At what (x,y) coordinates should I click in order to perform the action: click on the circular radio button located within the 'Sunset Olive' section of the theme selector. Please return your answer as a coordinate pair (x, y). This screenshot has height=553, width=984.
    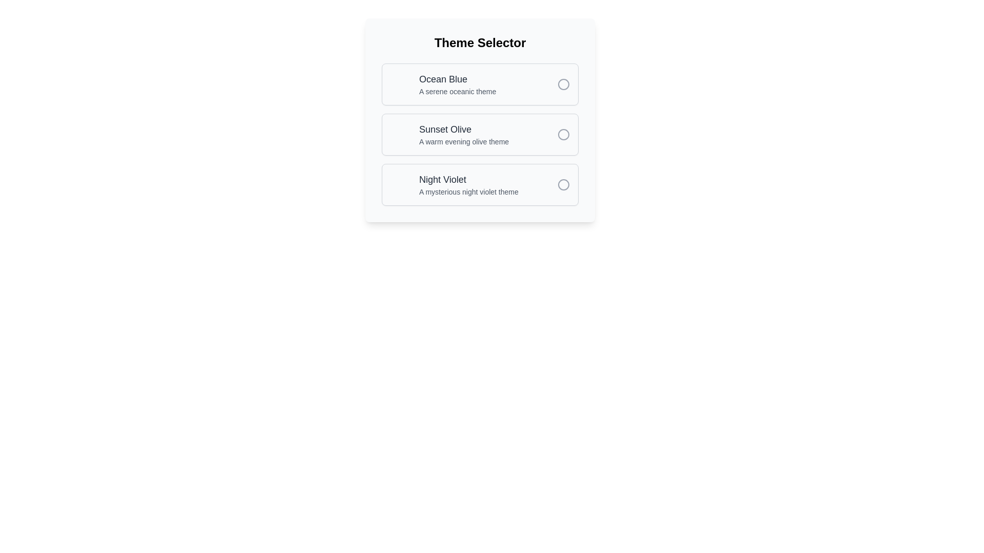
    Looking at the image, I should click on (563, 134).